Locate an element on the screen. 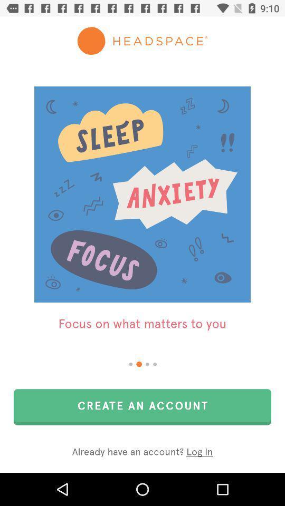  the already have an is located at coordinates (142, 452).